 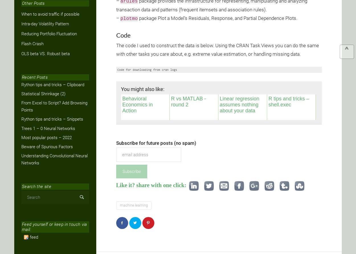 What do you see at coordinates (34, 236) in the screenshot?
I see `'feed'` at bounding box center [34, 236].